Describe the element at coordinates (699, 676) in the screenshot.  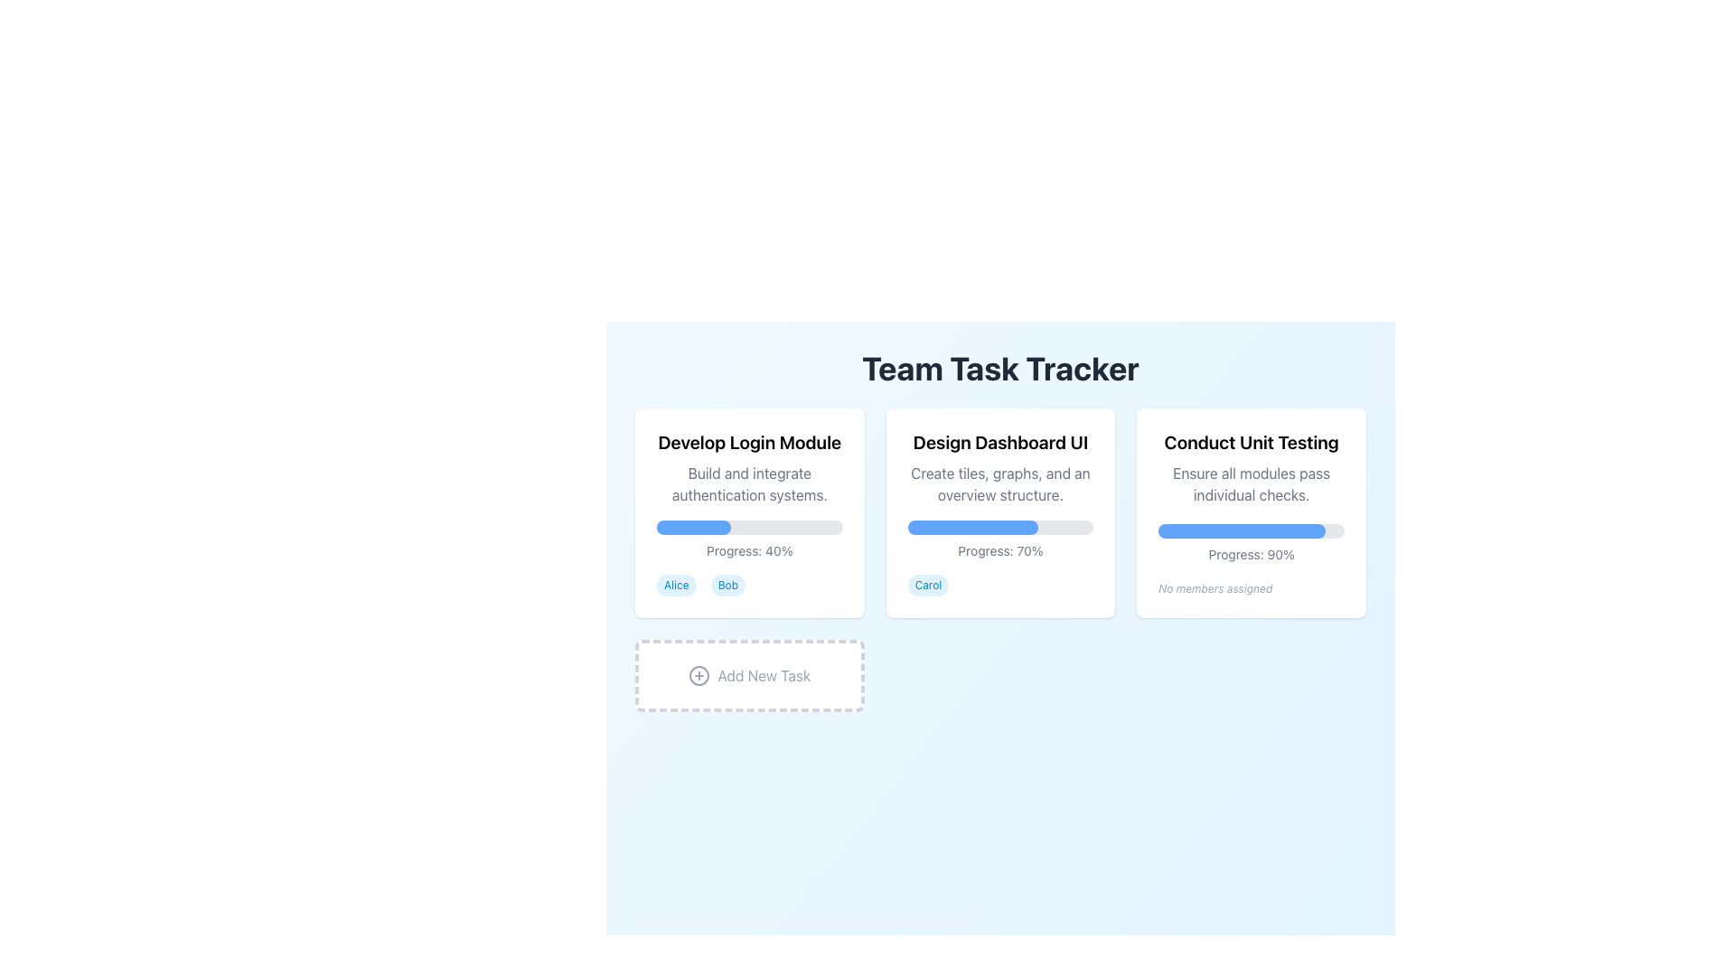
I see `the circular '+' icon button within the 'Add New Task' box` at that location.